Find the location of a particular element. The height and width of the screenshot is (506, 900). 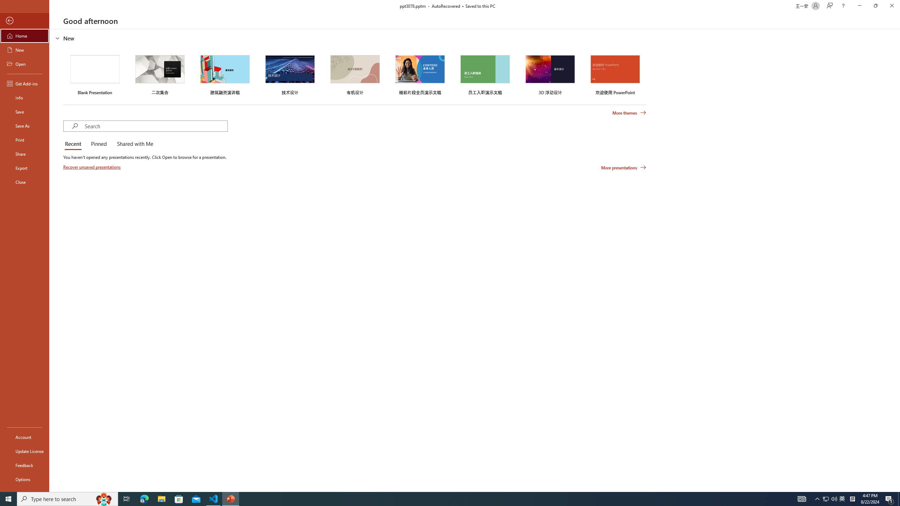

'More presentations' is located at coordinates (623, 167).